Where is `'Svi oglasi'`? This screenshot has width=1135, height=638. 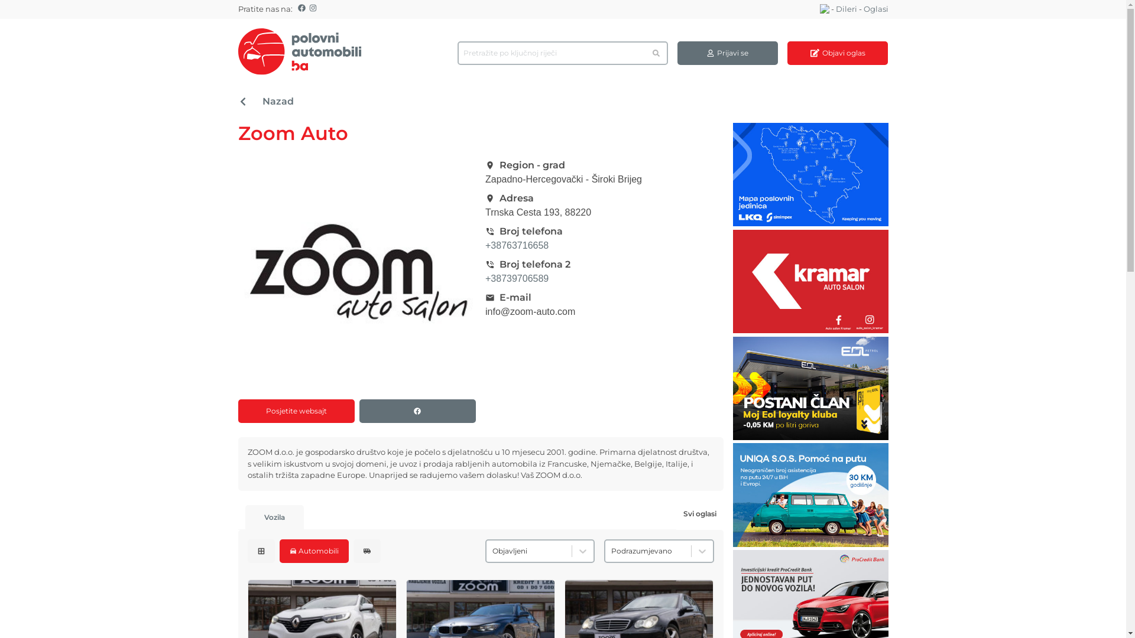
'Svi oglasi' is located at coordinates (700, 512).